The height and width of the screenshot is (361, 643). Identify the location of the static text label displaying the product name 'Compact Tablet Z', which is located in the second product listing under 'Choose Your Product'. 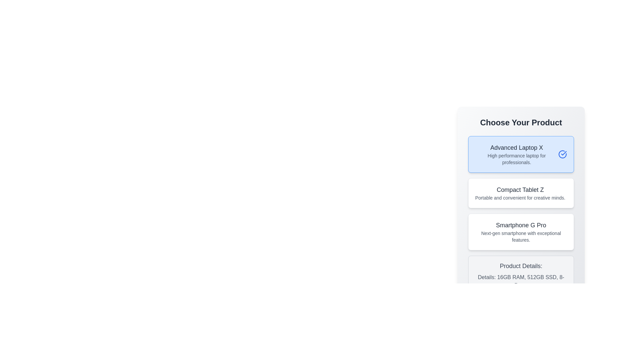
(520, 190).